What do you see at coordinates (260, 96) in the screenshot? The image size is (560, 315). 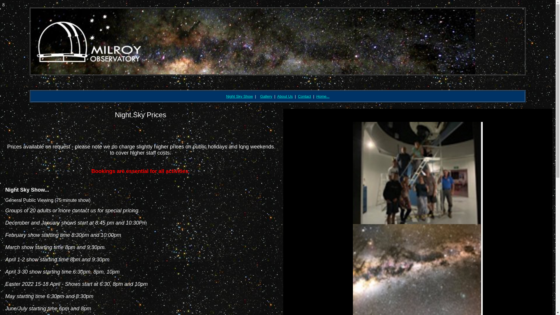 I see `'Gallery'` at bounding box center [260, 96].